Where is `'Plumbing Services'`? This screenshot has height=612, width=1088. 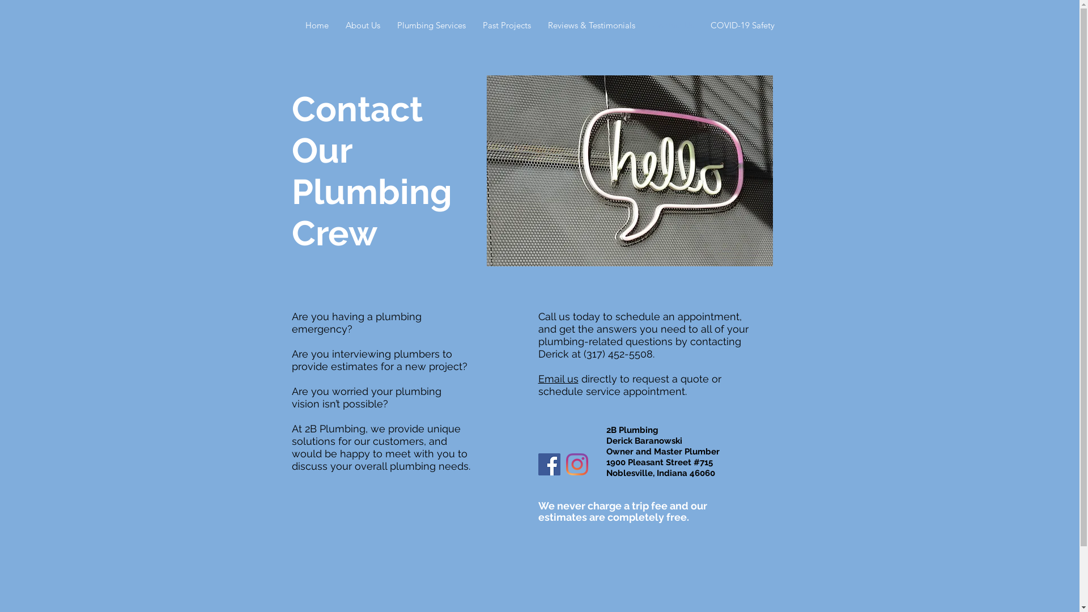 'Plumbing Services' is located at coordinates (431, 25).